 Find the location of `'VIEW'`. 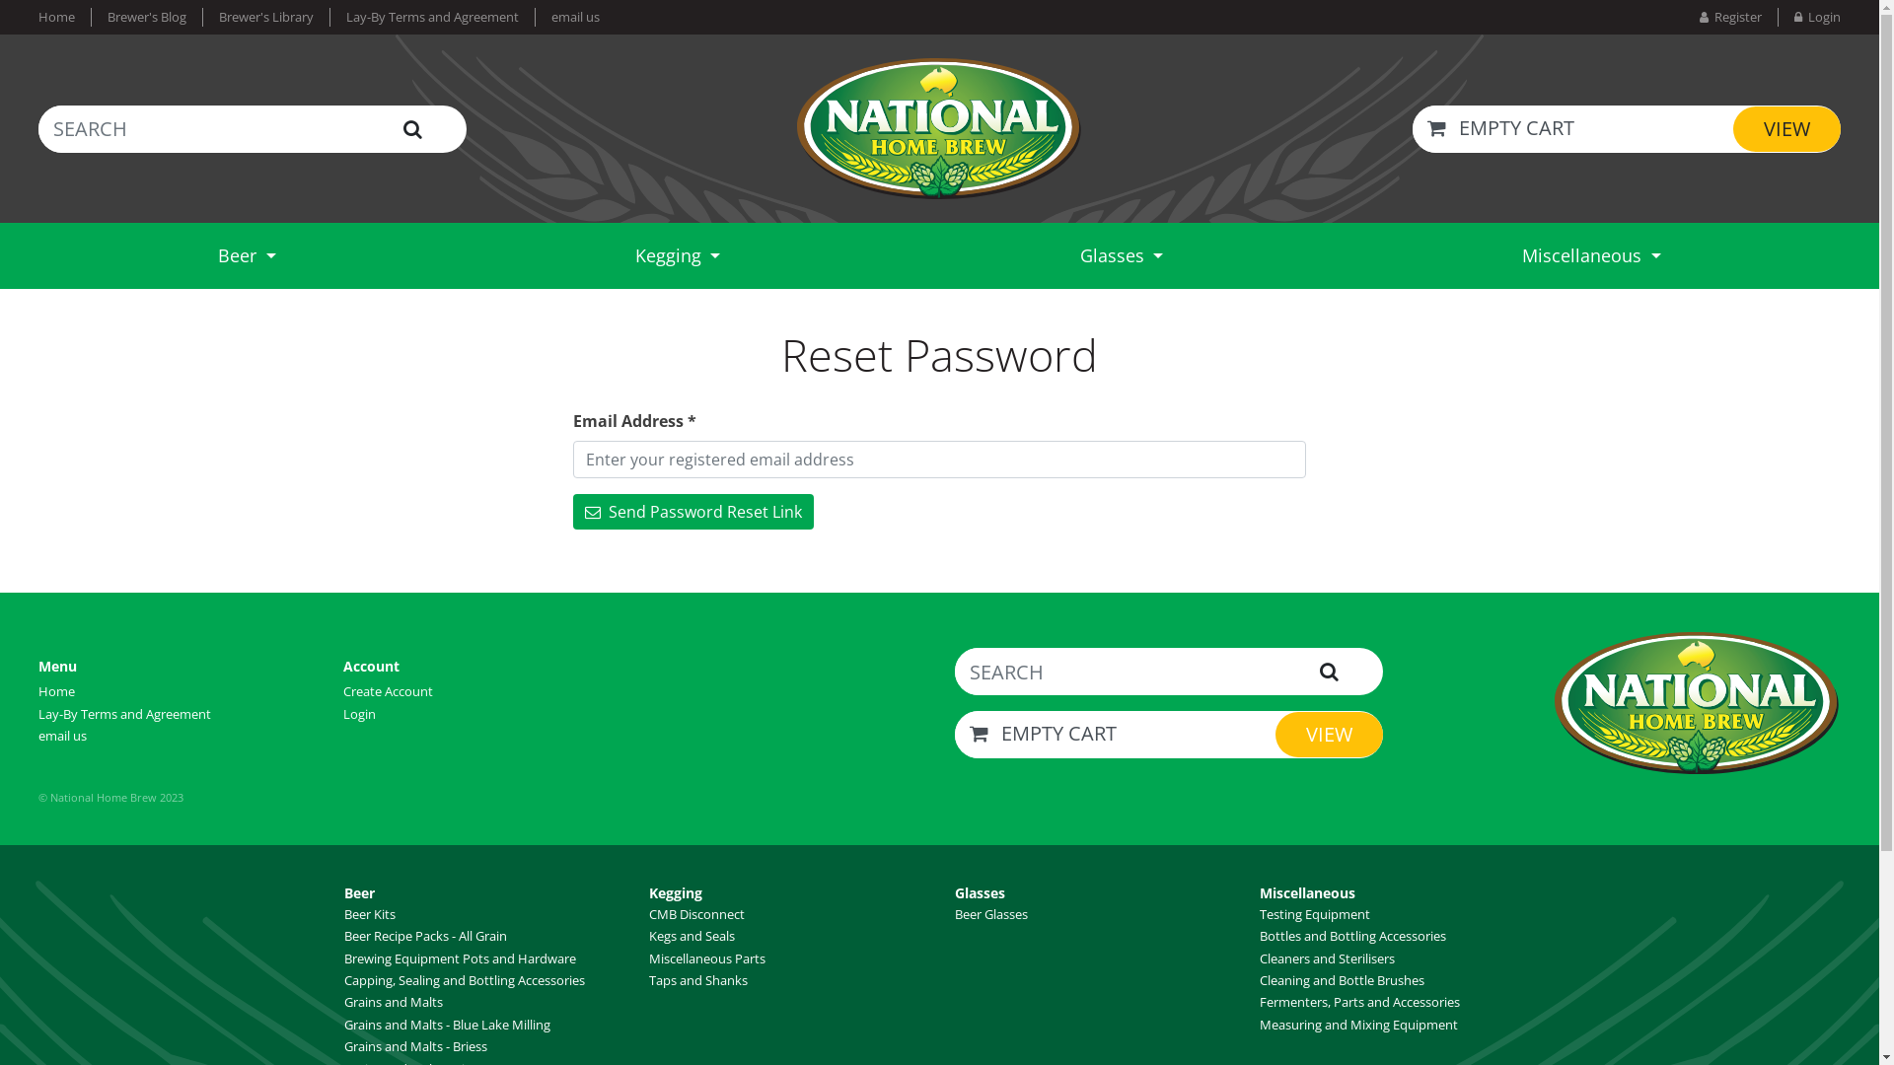

'VIEW' is located at coordinates (1329, 734).